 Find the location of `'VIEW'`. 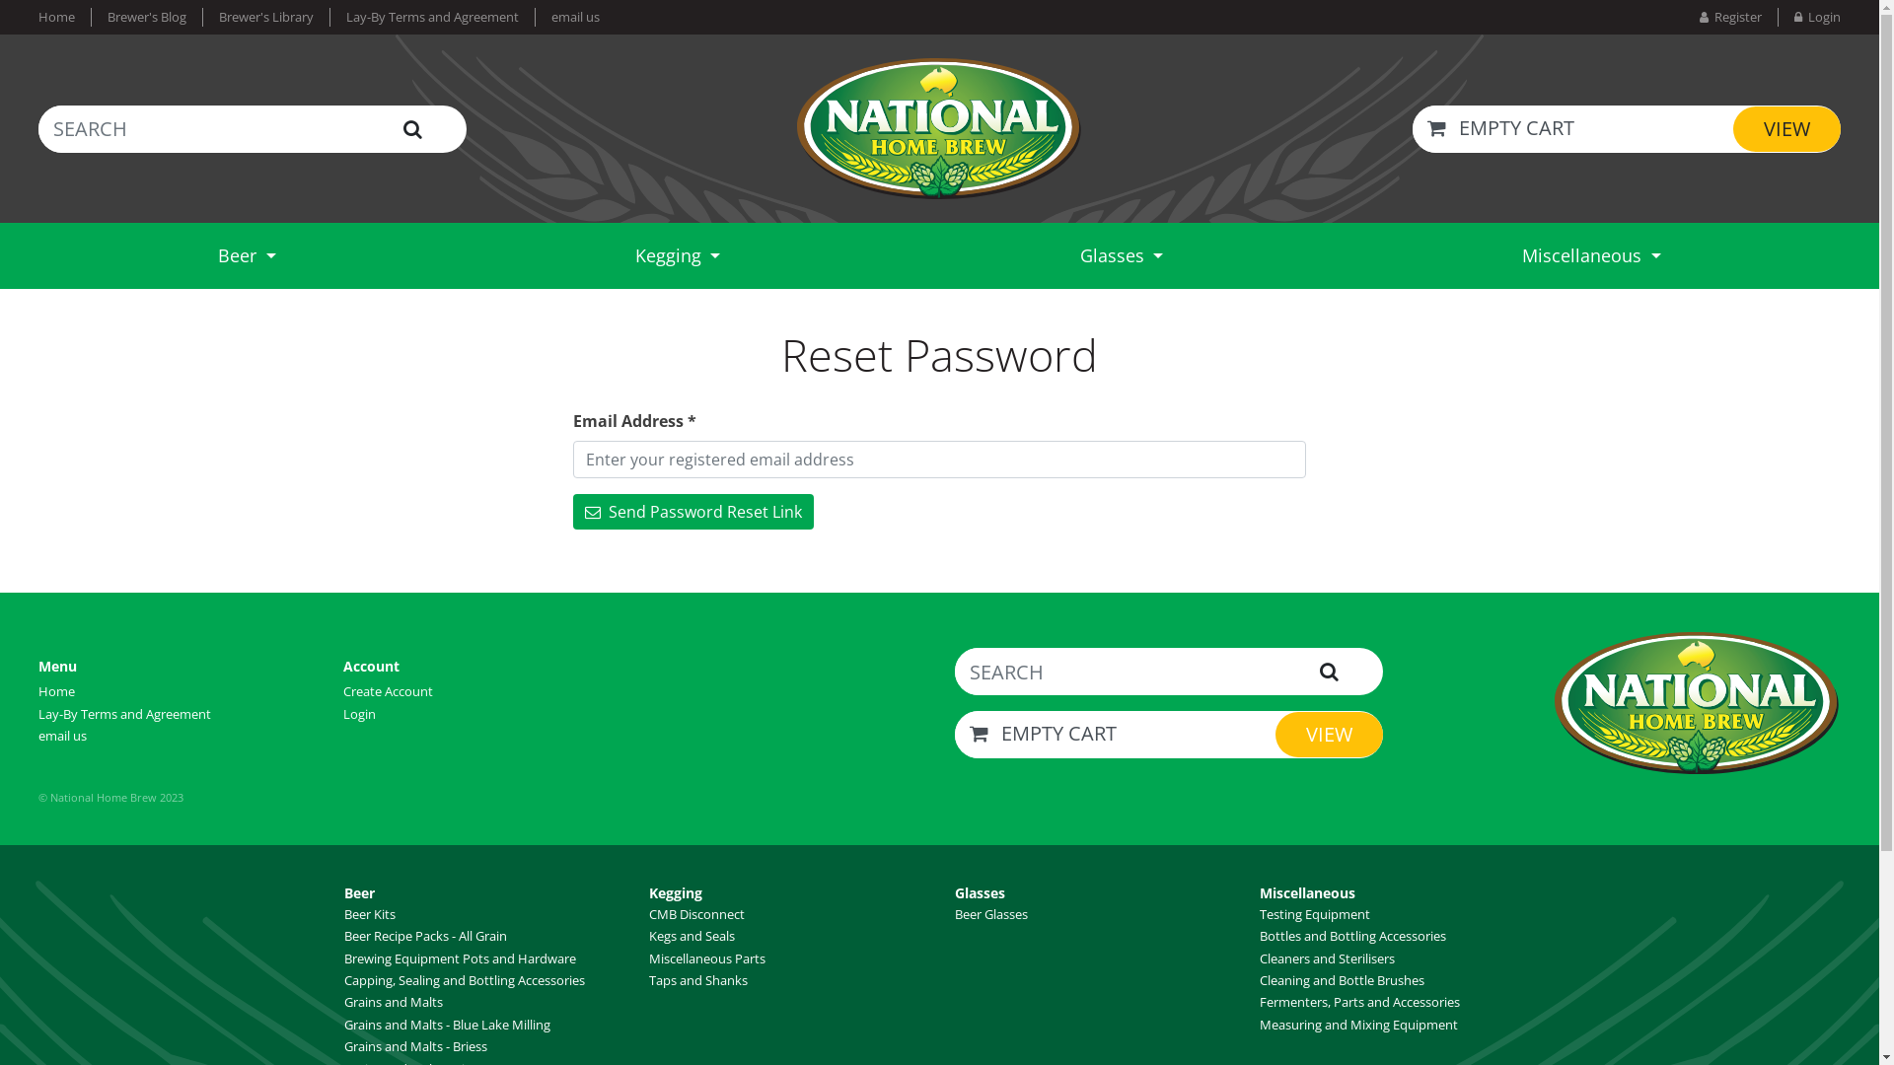

'VIEW' is located at coordinates (1329, 734).